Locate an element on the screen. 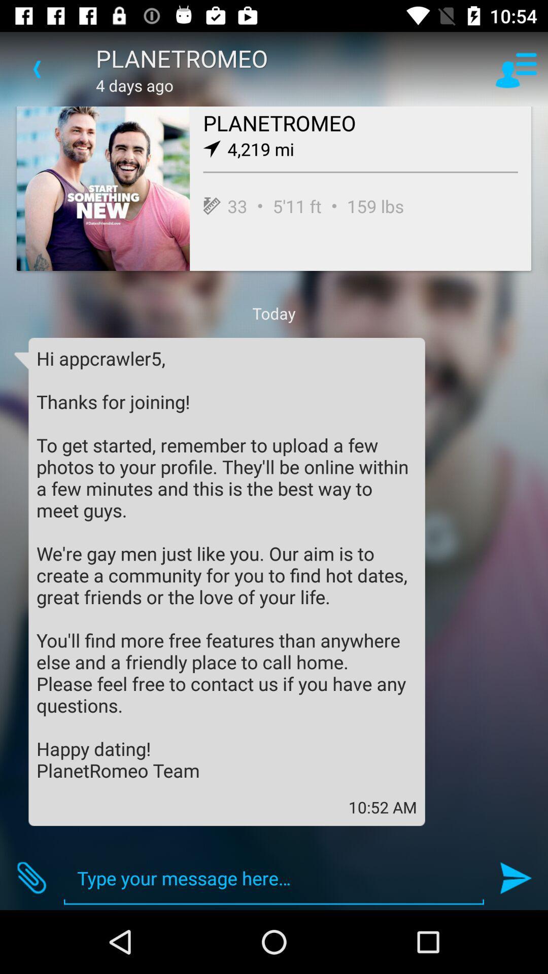 The width and height of the screenshot is (548, 974). icon at the top right corner is located at coordinates (516, 68).